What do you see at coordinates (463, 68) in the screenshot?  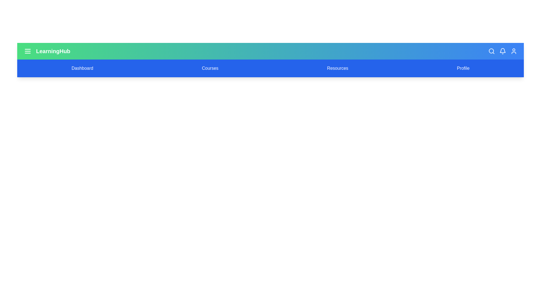 I see `the navigation item Profile` at bounding box center [463, 68].